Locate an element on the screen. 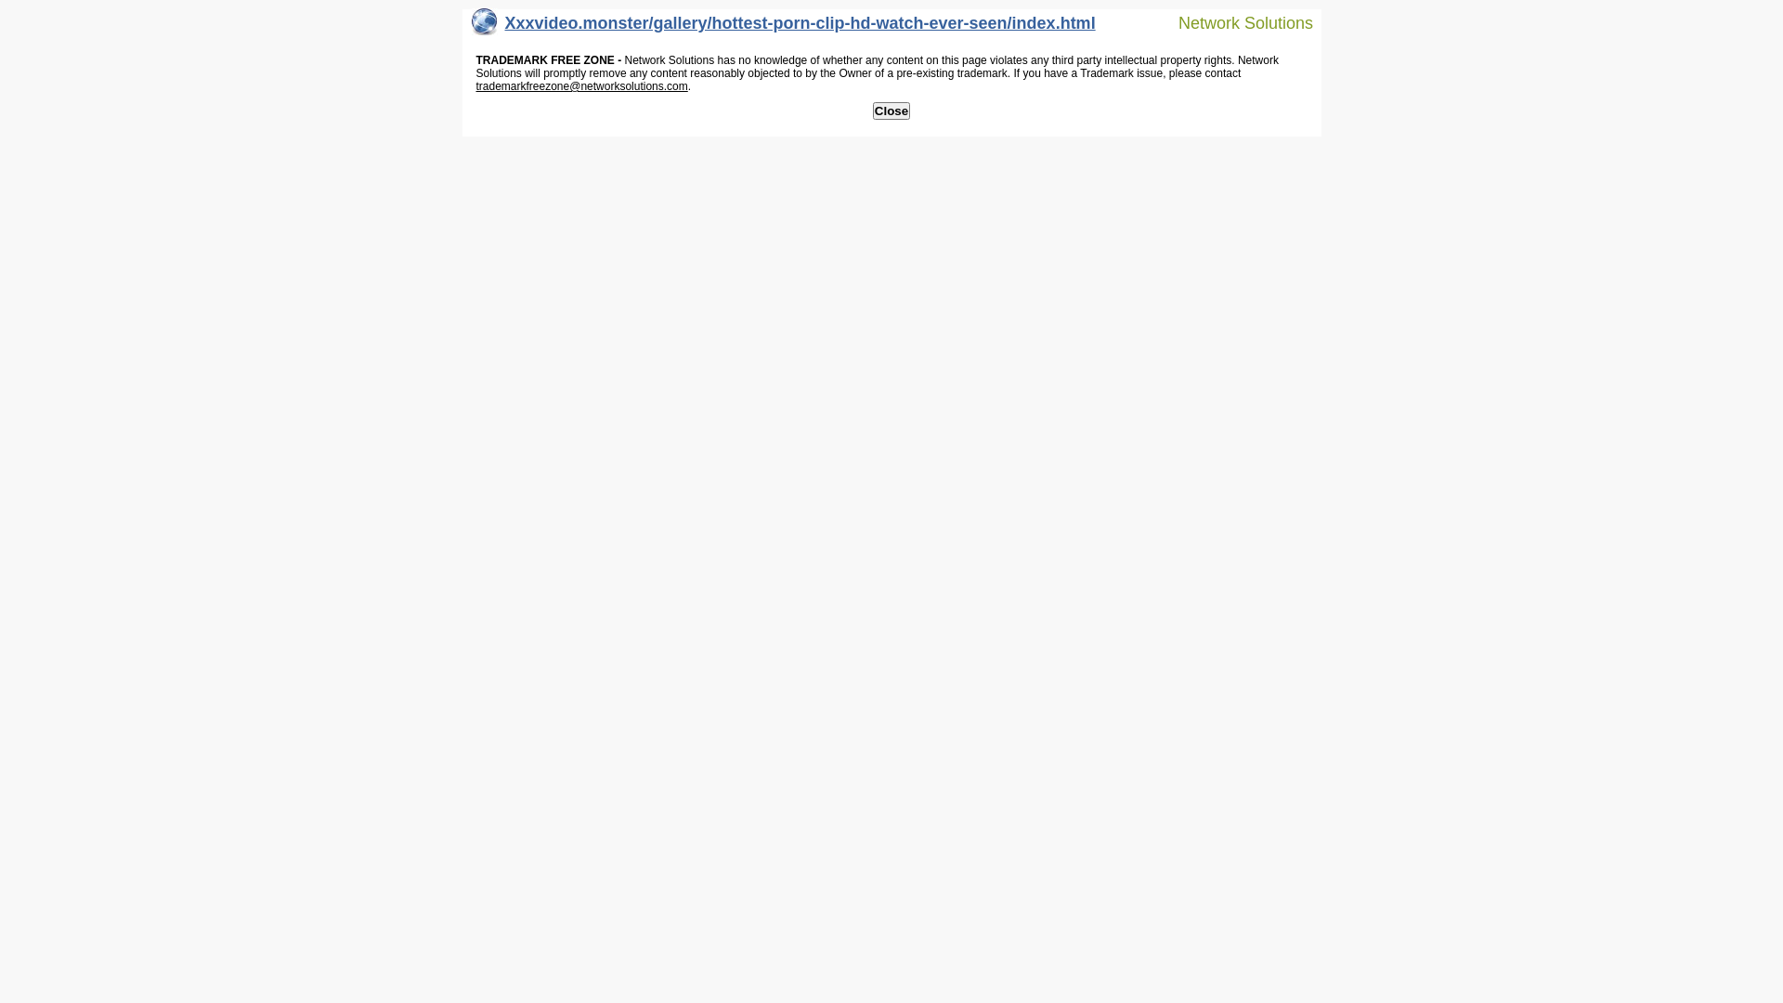  'trademarkfreezone@networksolutions.com' is located at coordinates (475, 85).